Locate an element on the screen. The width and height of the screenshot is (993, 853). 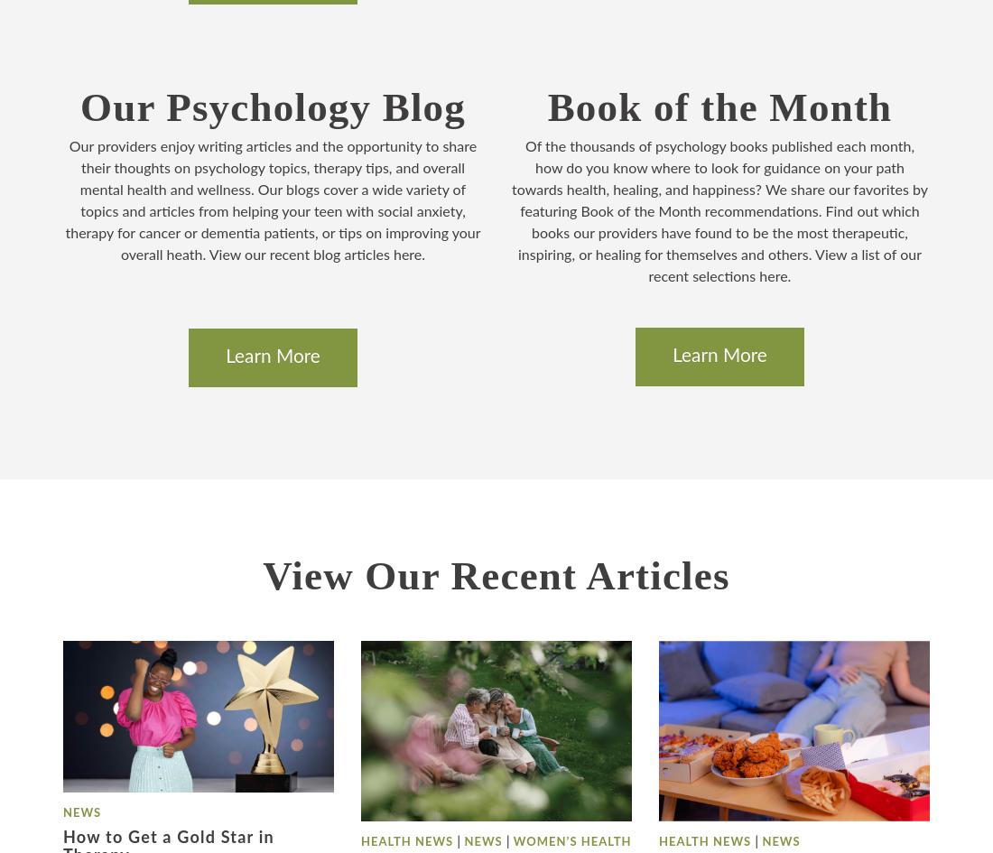
'Book of the Month' is located at coordinates (719, 106).